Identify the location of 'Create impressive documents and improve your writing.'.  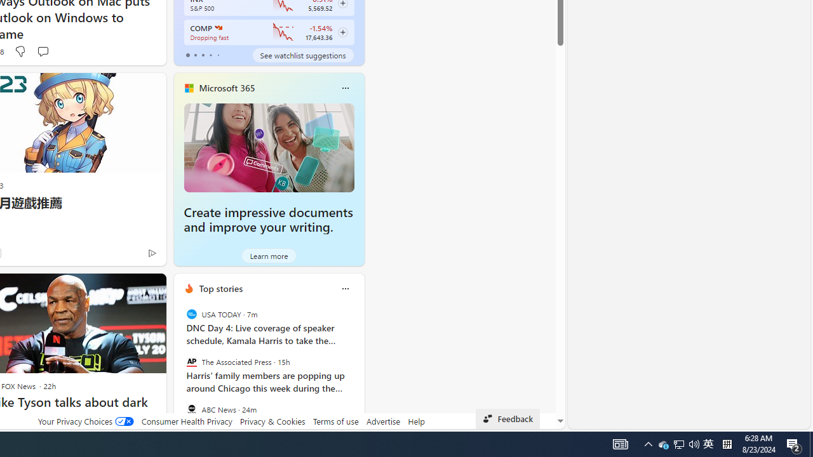
(268, 147).